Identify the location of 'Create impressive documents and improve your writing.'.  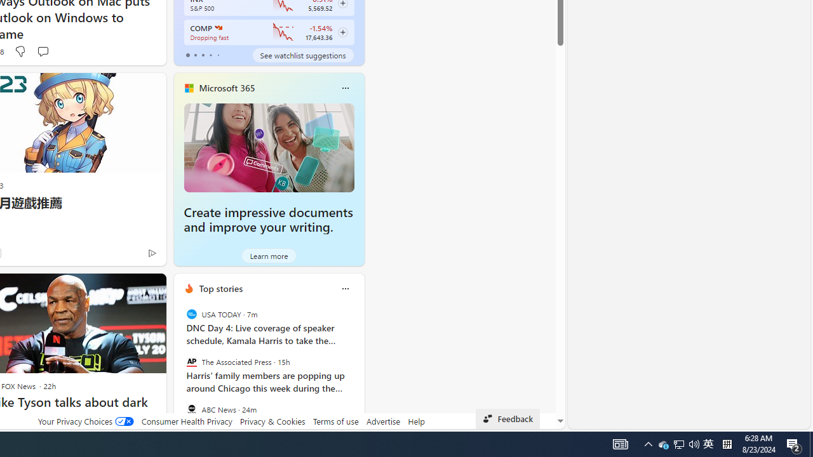
(268, 147).